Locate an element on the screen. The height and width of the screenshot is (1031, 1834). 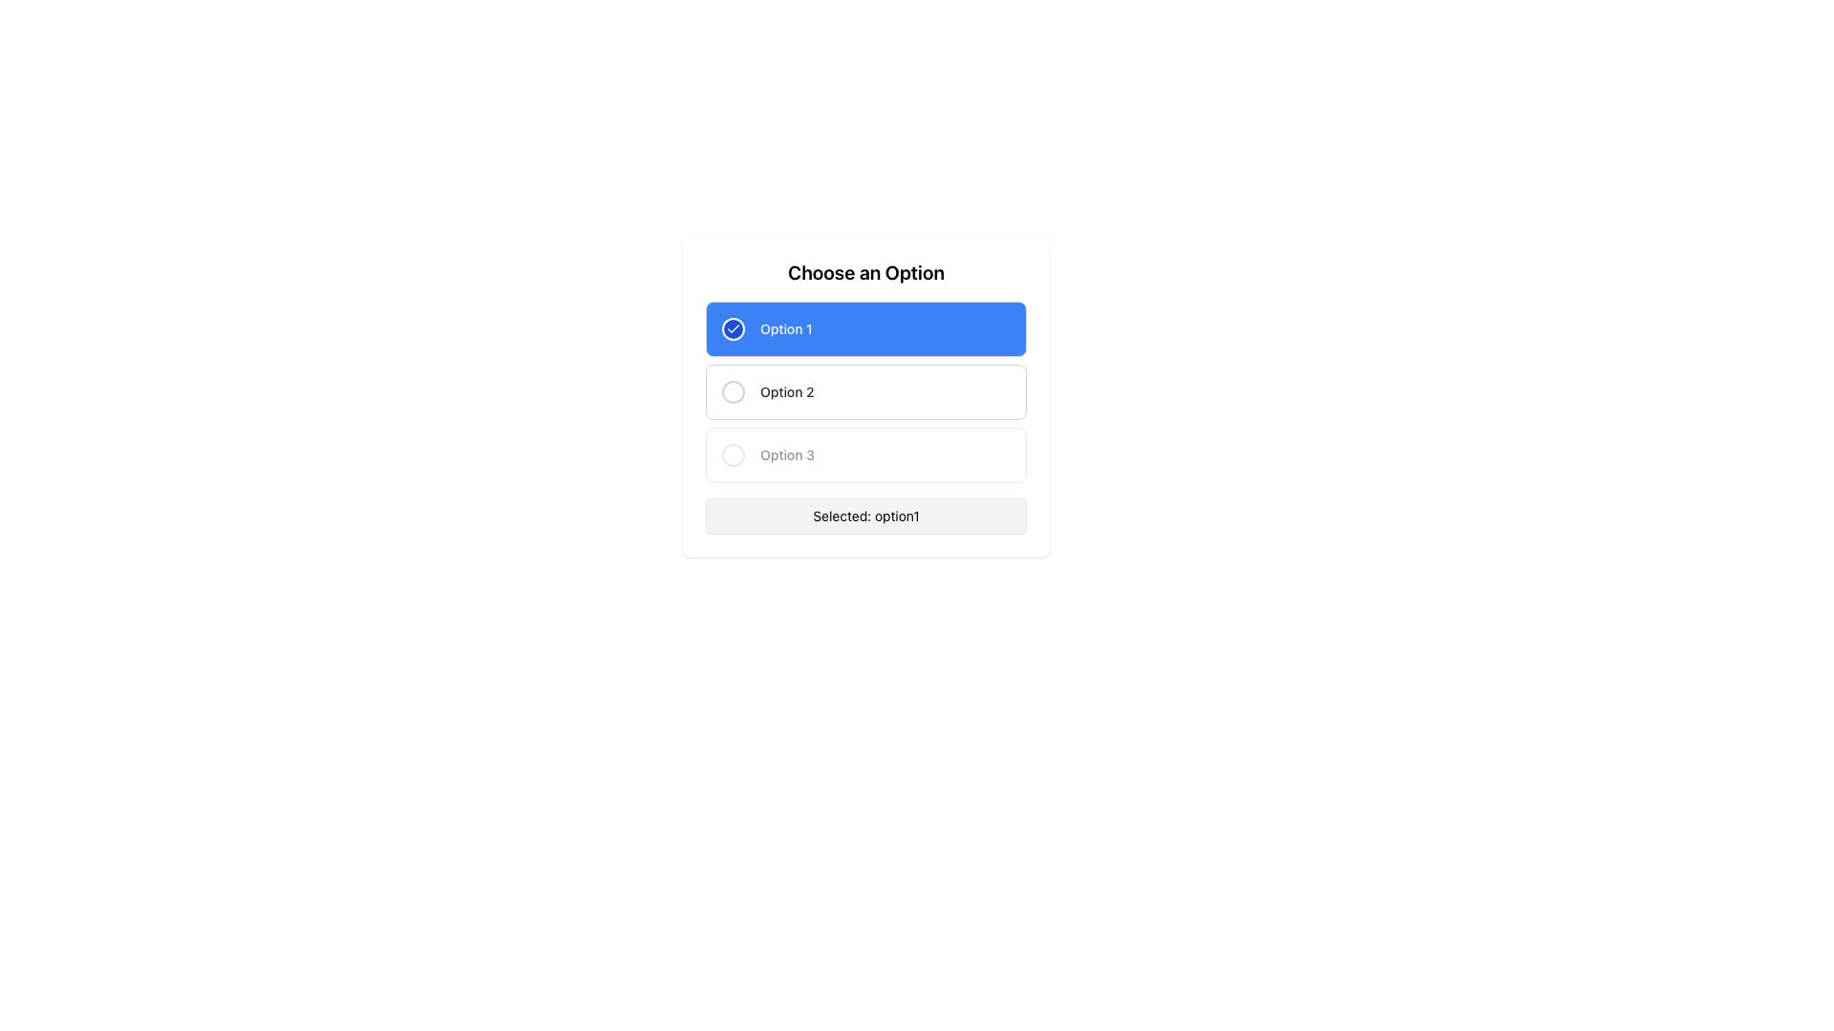
the static text label 'Option 1' which is styled with a small font size and medium weight, located to the right of a circular checkbox indicator in the 'Choose an Option' panel is located at coordinates (786, 327).